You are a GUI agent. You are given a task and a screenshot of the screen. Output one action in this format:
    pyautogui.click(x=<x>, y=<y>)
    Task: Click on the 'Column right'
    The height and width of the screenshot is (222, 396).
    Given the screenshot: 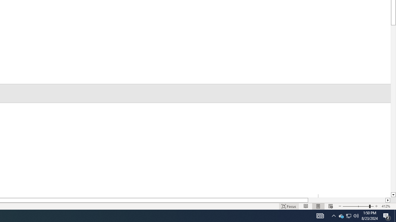 What is the action you would take?
    pyautogui.click(x=388, y=200)
    